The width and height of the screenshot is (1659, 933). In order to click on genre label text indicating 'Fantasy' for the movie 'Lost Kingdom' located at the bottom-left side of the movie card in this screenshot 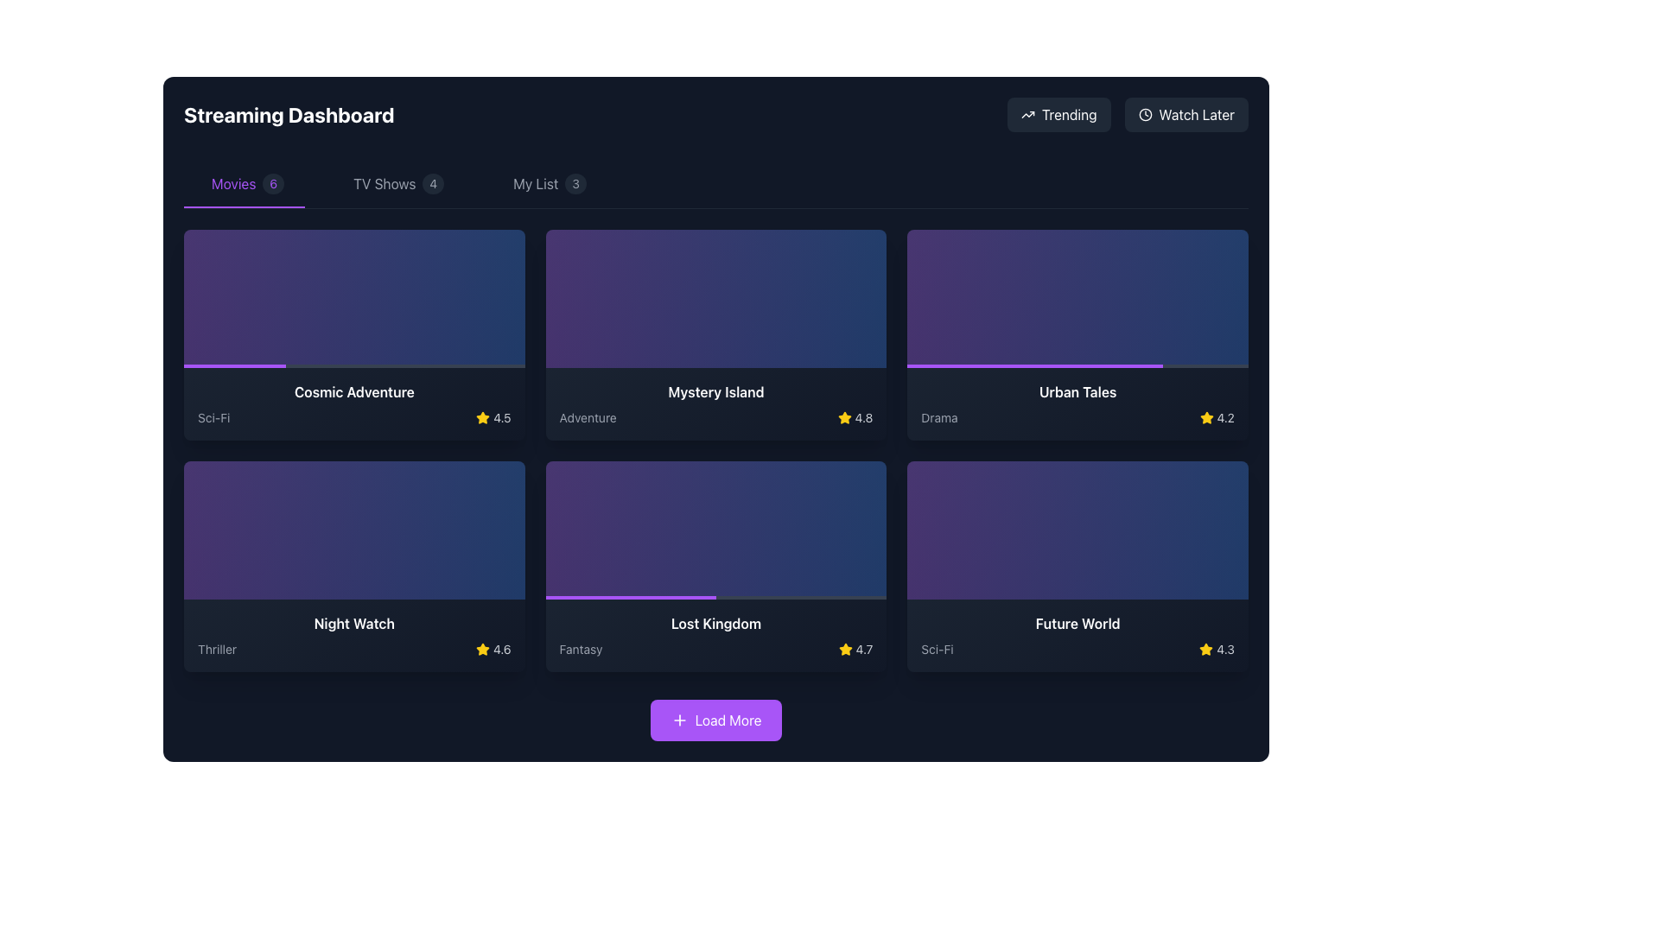, I will do `click(581, 650)`.